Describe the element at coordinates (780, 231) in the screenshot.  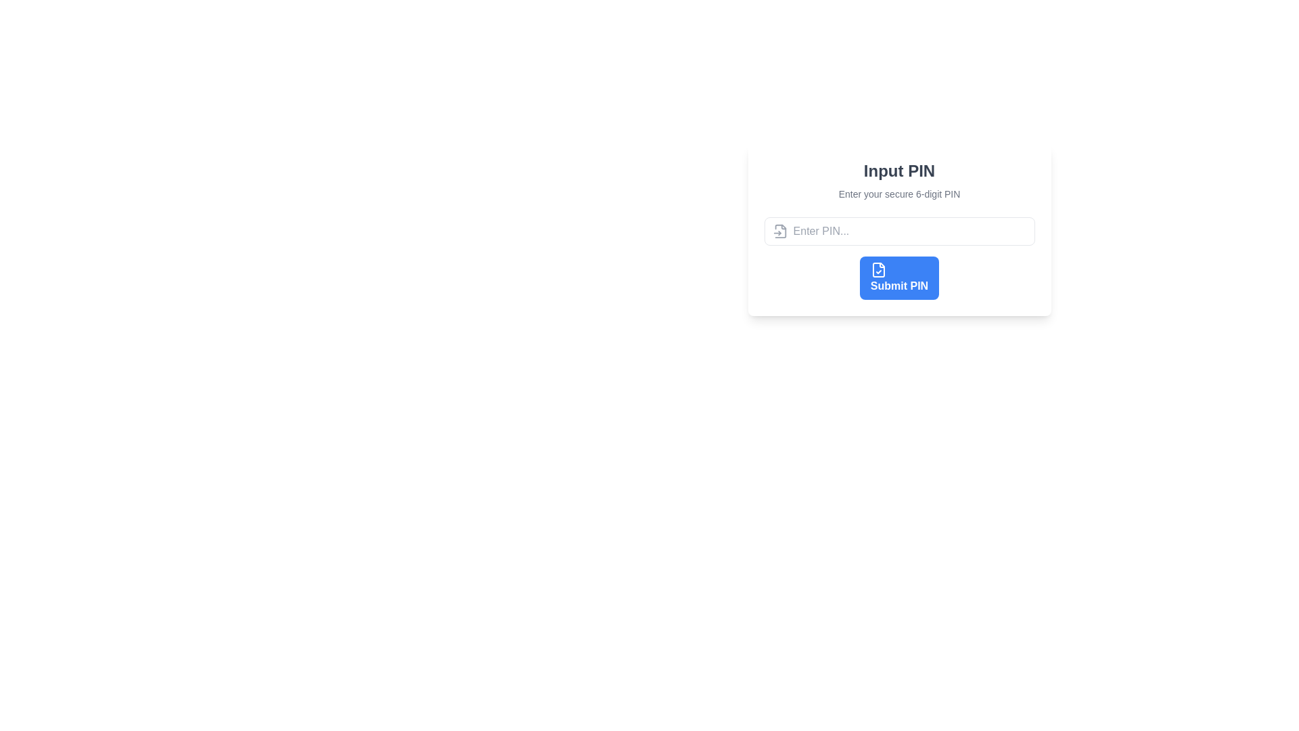
I see `the file/document icon located to the immediate left of the text input box labeled 'Enter PIN...'` at that location.